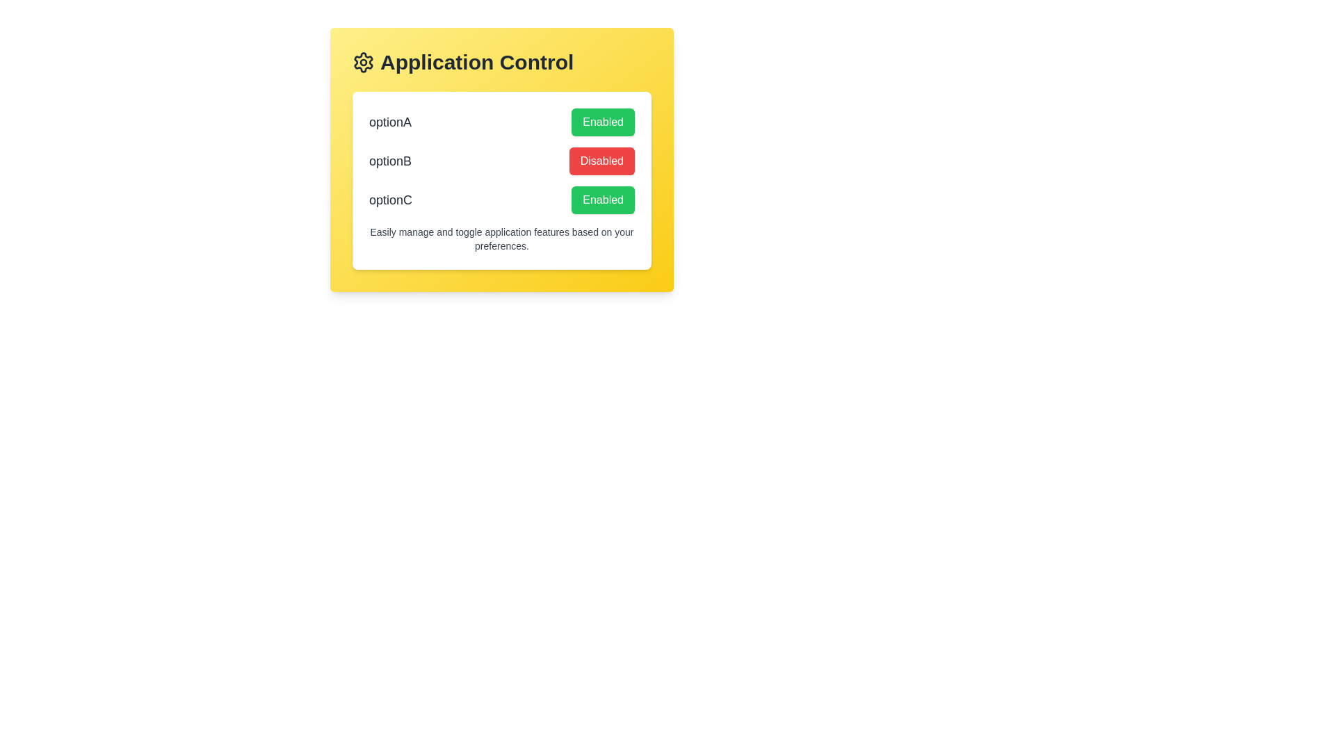 This screenshot has width=1335, height=751. Describe the element at coordinates (601, 160) in the screenshot. I see `the red button labeled 'Disabled' in the 'Application Control' settings panel, which is the second toggle button from the top in a vertical list aligned to the right of 'optionB'` at that location.